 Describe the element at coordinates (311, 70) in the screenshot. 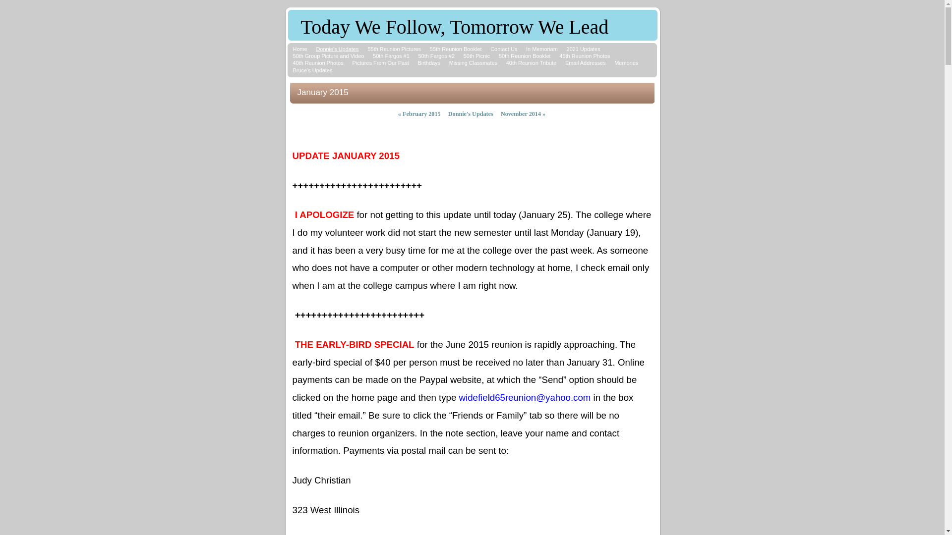

I see `'Bruce's Updates'` at that location.